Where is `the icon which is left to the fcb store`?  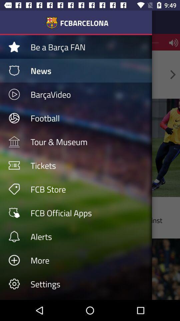 the icon which is left to the fcb store is located at coordinates (14, 189).